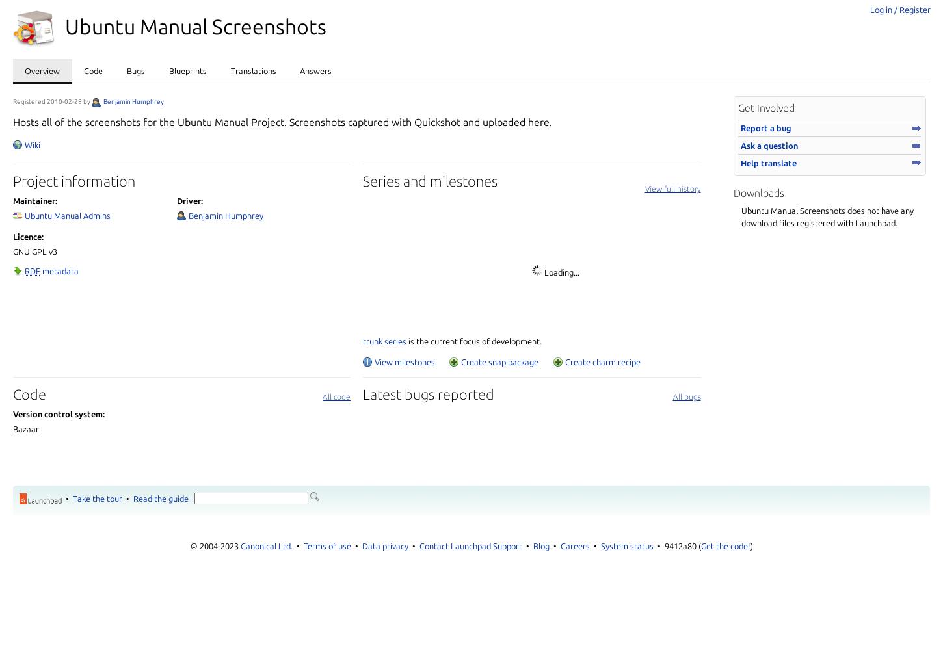 Image resolution: width=943 pixels, height=650 pixels. I want to click on 'View full history', so click(672, 188).